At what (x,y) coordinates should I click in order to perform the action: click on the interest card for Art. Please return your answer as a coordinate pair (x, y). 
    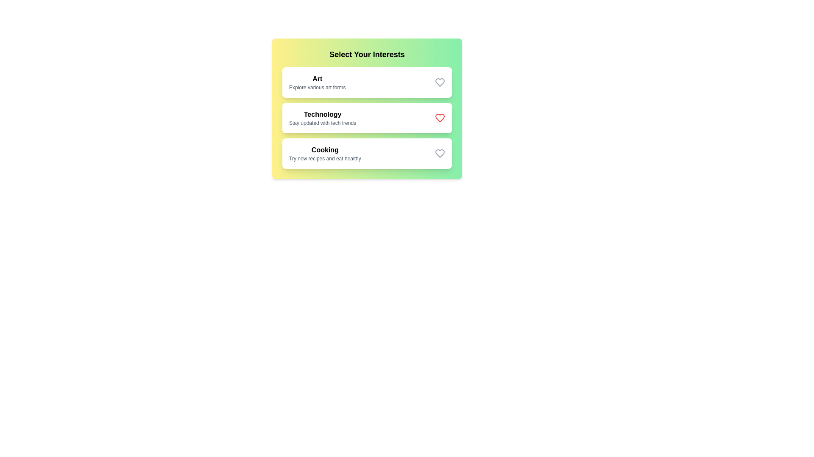
    Looking at the image, I should click on (367, 83).